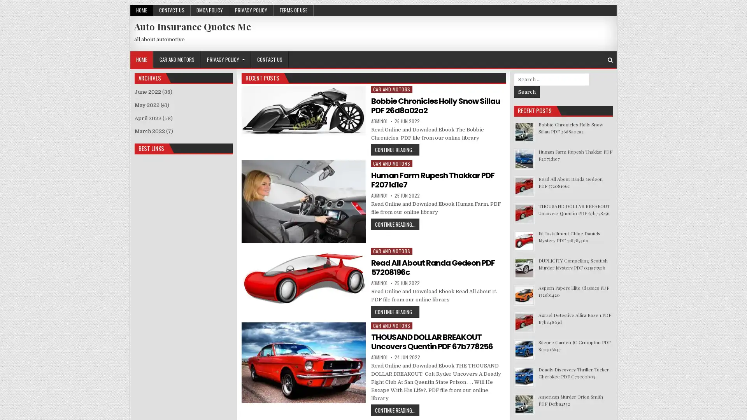 The width and height of the screenshot is (747, 420). I want to click on Search, so click(527, 91).